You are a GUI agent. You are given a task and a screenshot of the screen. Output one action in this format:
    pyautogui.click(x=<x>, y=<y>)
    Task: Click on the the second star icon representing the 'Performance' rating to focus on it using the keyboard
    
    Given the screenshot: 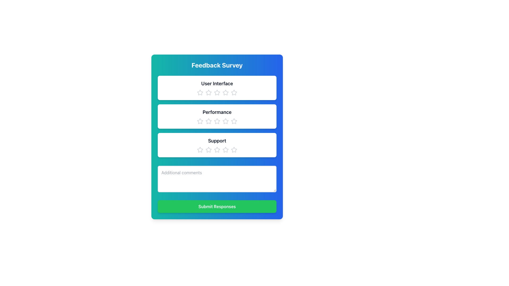 What is the action you would take?
    pyautogui.click(x=217, y=121)
    